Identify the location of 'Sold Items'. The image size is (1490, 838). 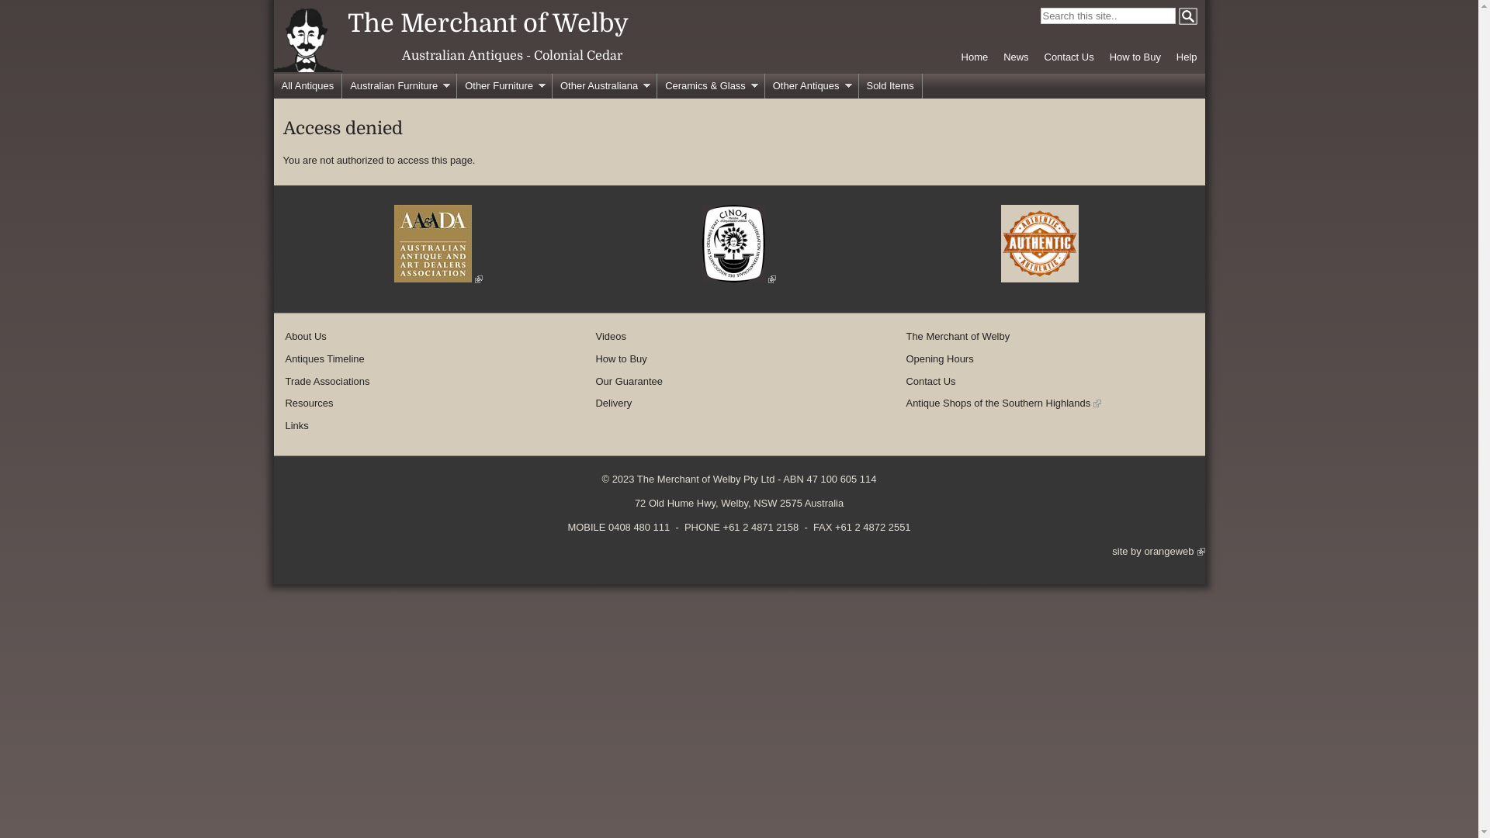
(857, 86).